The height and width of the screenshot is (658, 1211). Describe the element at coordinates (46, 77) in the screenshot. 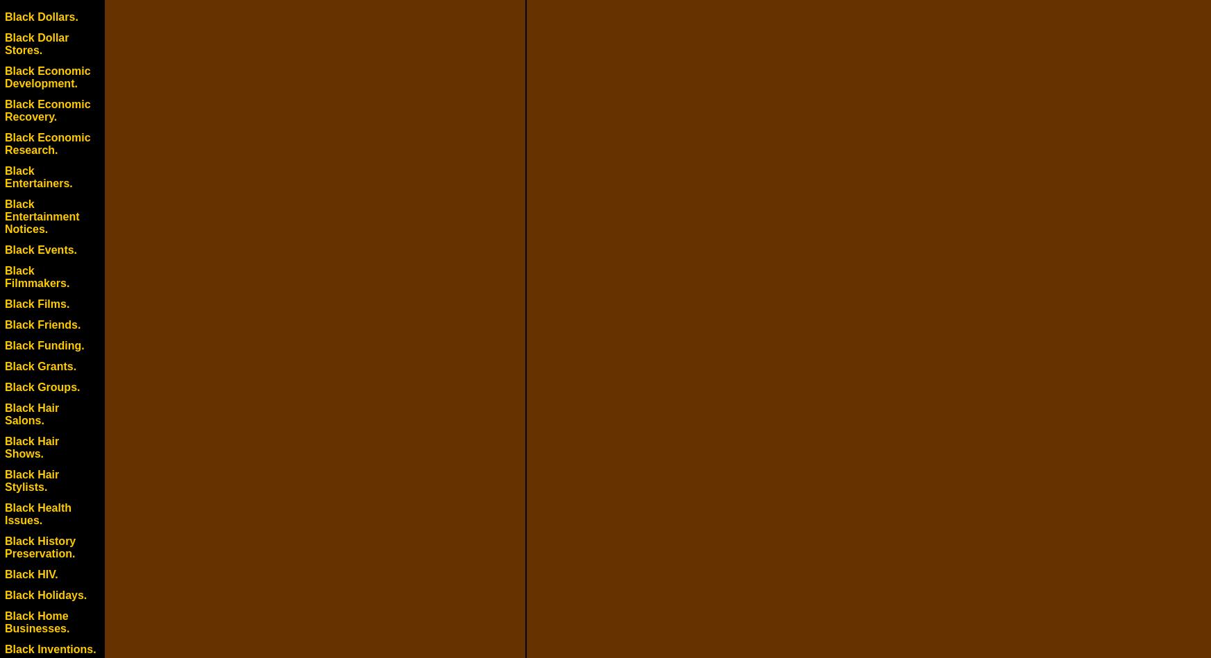

I see `'Black Economic Development.'` at that location.